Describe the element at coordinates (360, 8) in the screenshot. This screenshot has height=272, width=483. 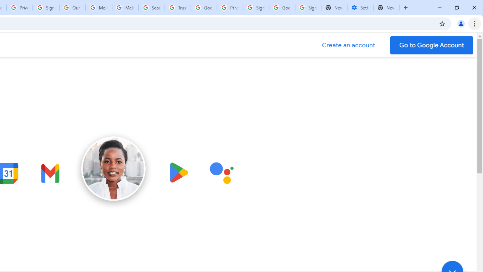
I see `'Settings - Addresses and more'` at that location.